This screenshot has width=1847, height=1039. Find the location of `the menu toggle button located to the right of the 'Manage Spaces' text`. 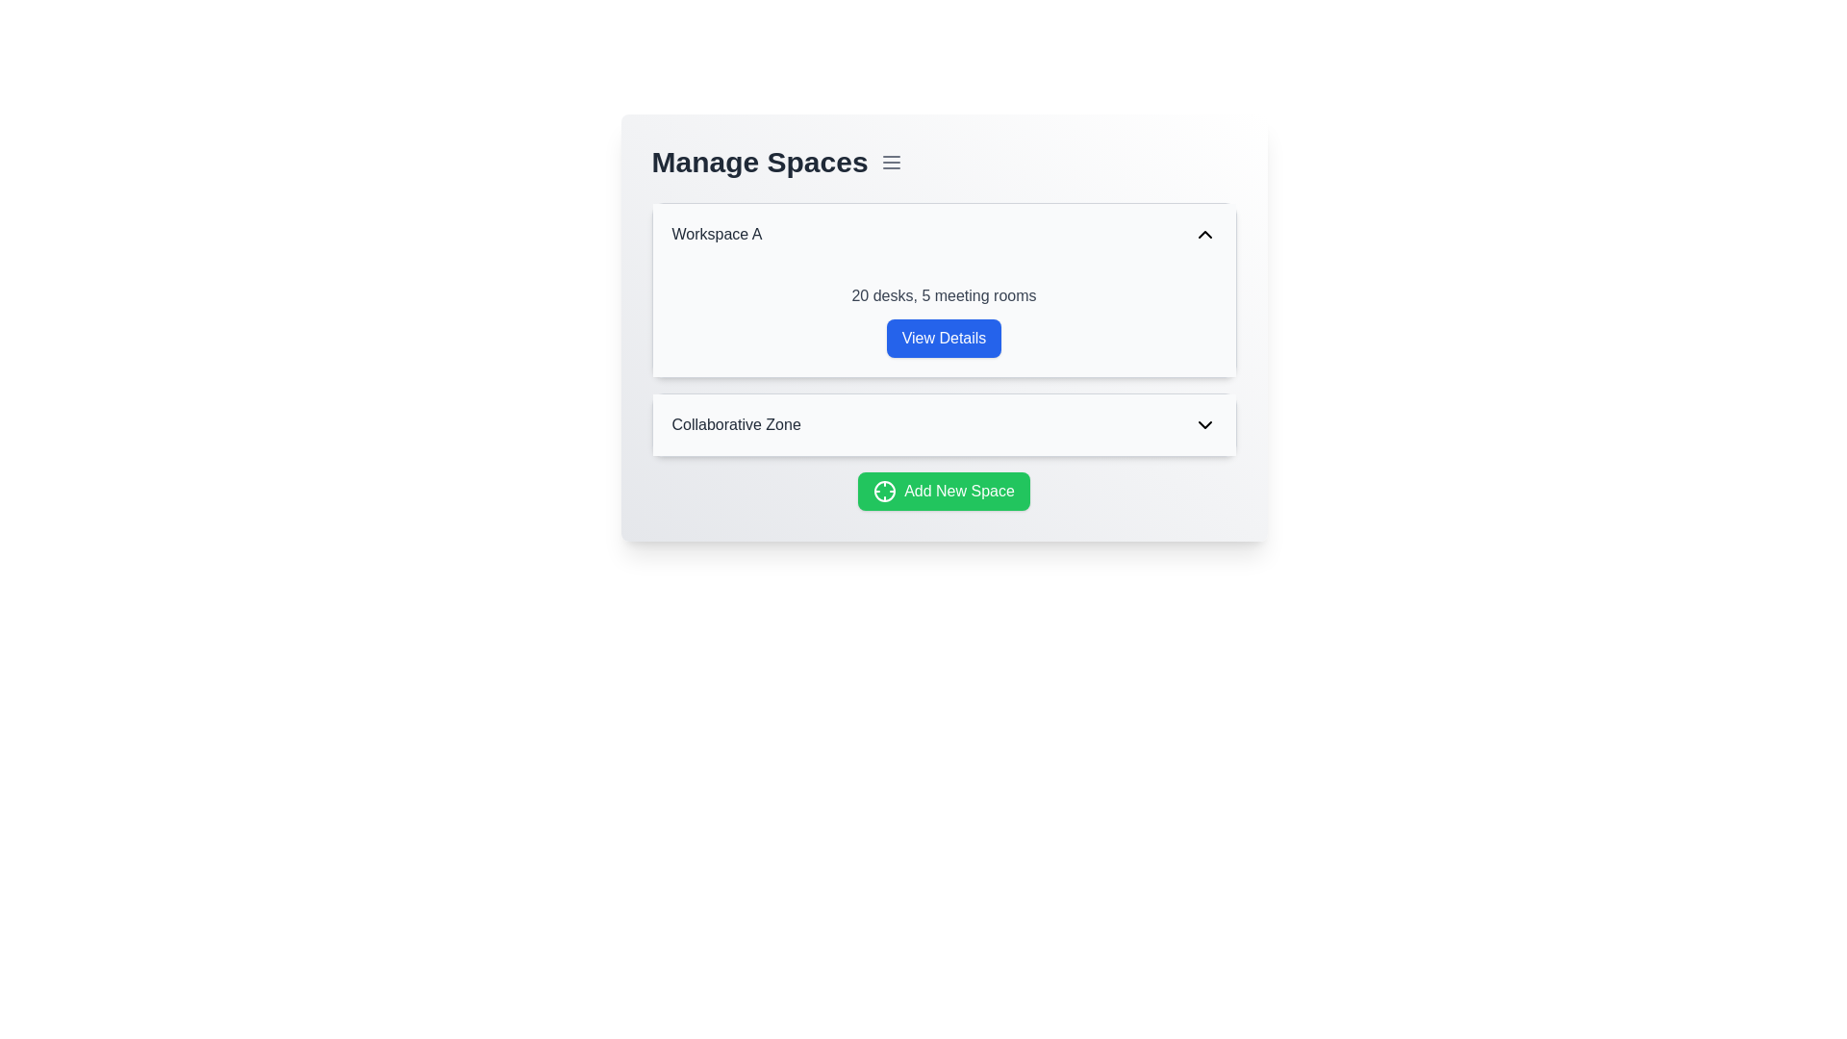

the menu toggle button located to the right of the 'Manage Spaces' text is located at coordinates (890, 162).